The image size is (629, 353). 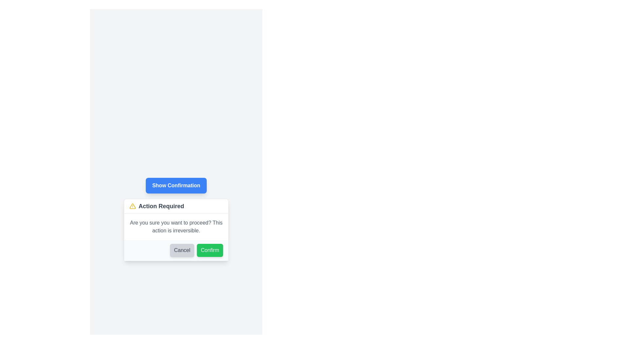 I want to click on warning or confirmation message displayed in the text block within the modal dialog titled 'Action Required', so click(x=176, y=227).